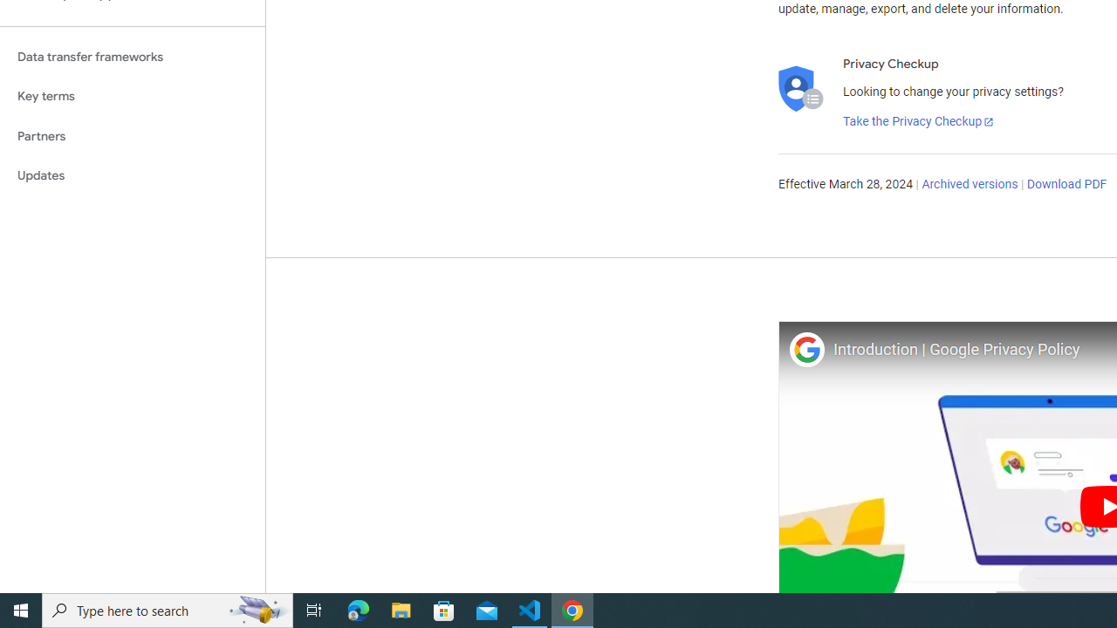 The image size is (1117, 628). What do you see at coordinates (1066, 185) in the screenshot?
I see `'Download PDF'` at bounding box center [1066, 185].